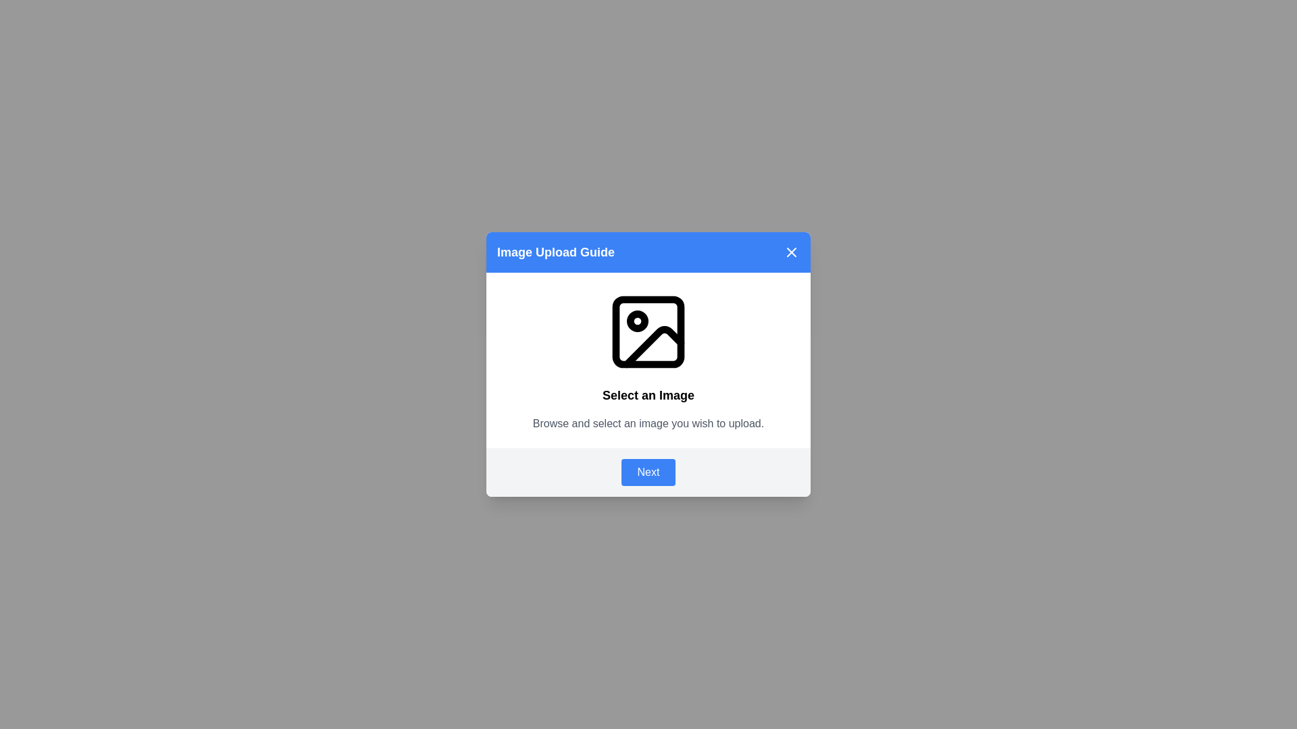 This screenshot has width=1297, height=729. Describe the element at coordinates (502, 385) in the screenshot. I see `the text by clicking and dragging over the text area` at that location.